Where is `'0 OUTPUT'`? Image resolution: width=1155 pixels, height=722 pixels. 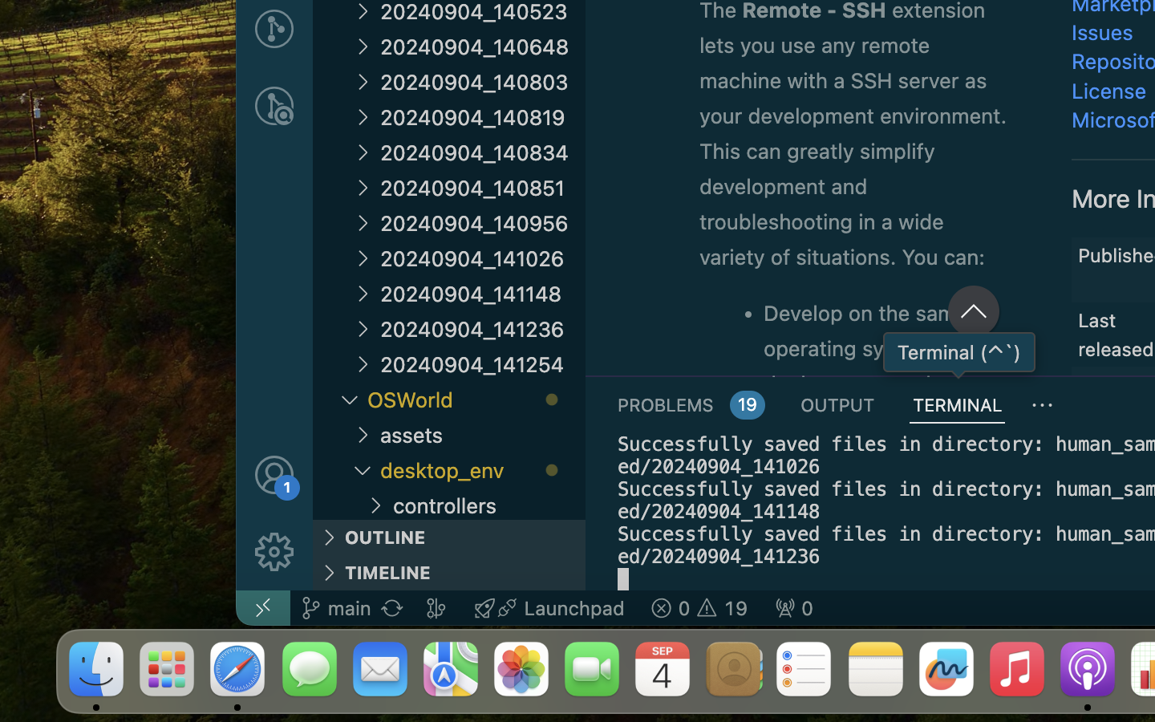 '0 OUTPUT' is located at coordinates (838, 404).